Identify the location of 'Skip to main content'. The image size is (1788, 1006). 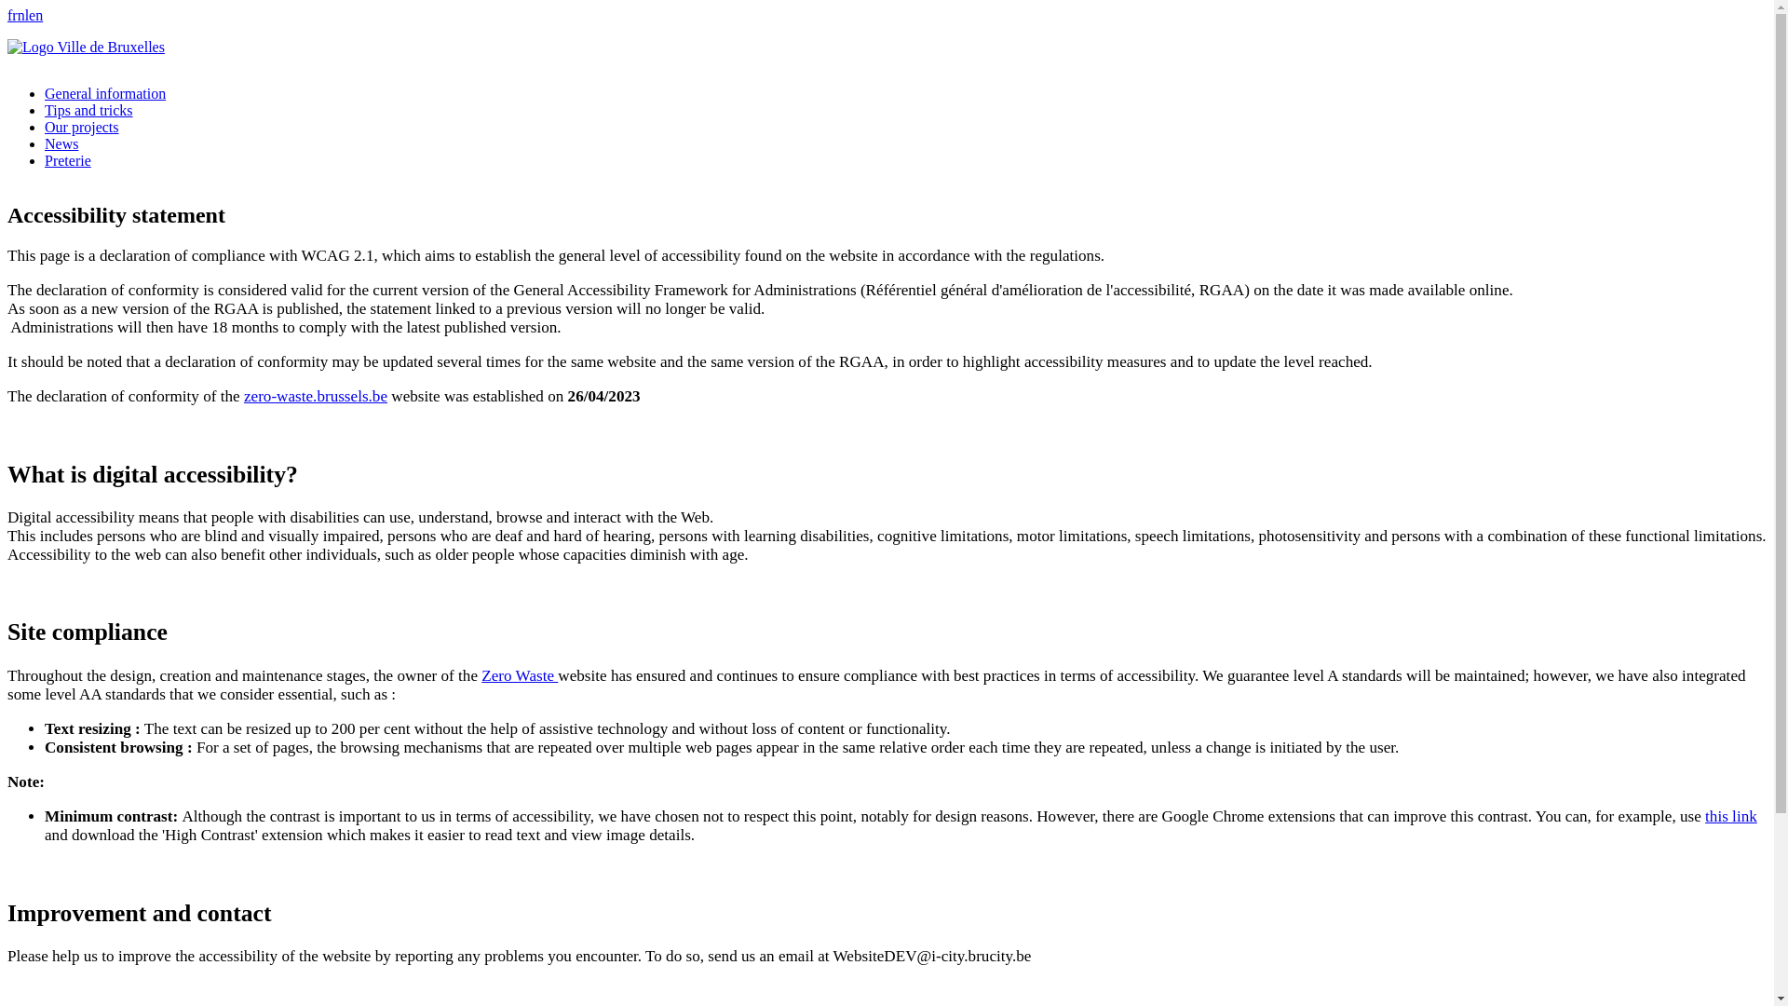
(886, 9).